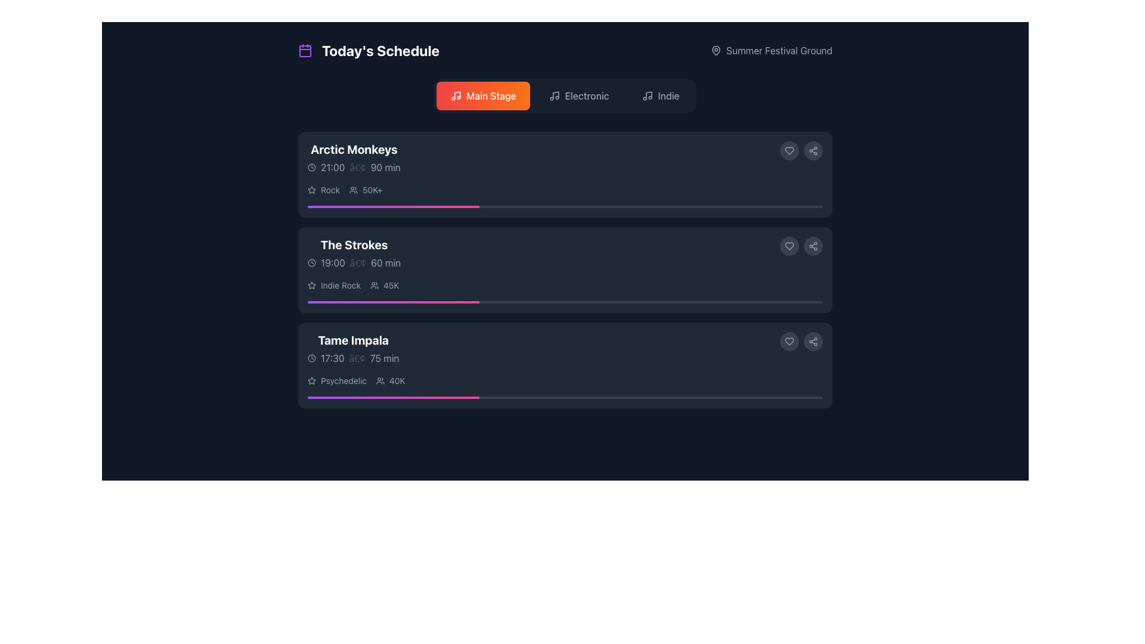 This screenshot has height=644, width=1145. I want to click on the 'Indie' button, which is the third button in a horizontal group of three buttons labeled 'Main Stage,' 'Electronic,' and 'Indie,', so click(660, 95).